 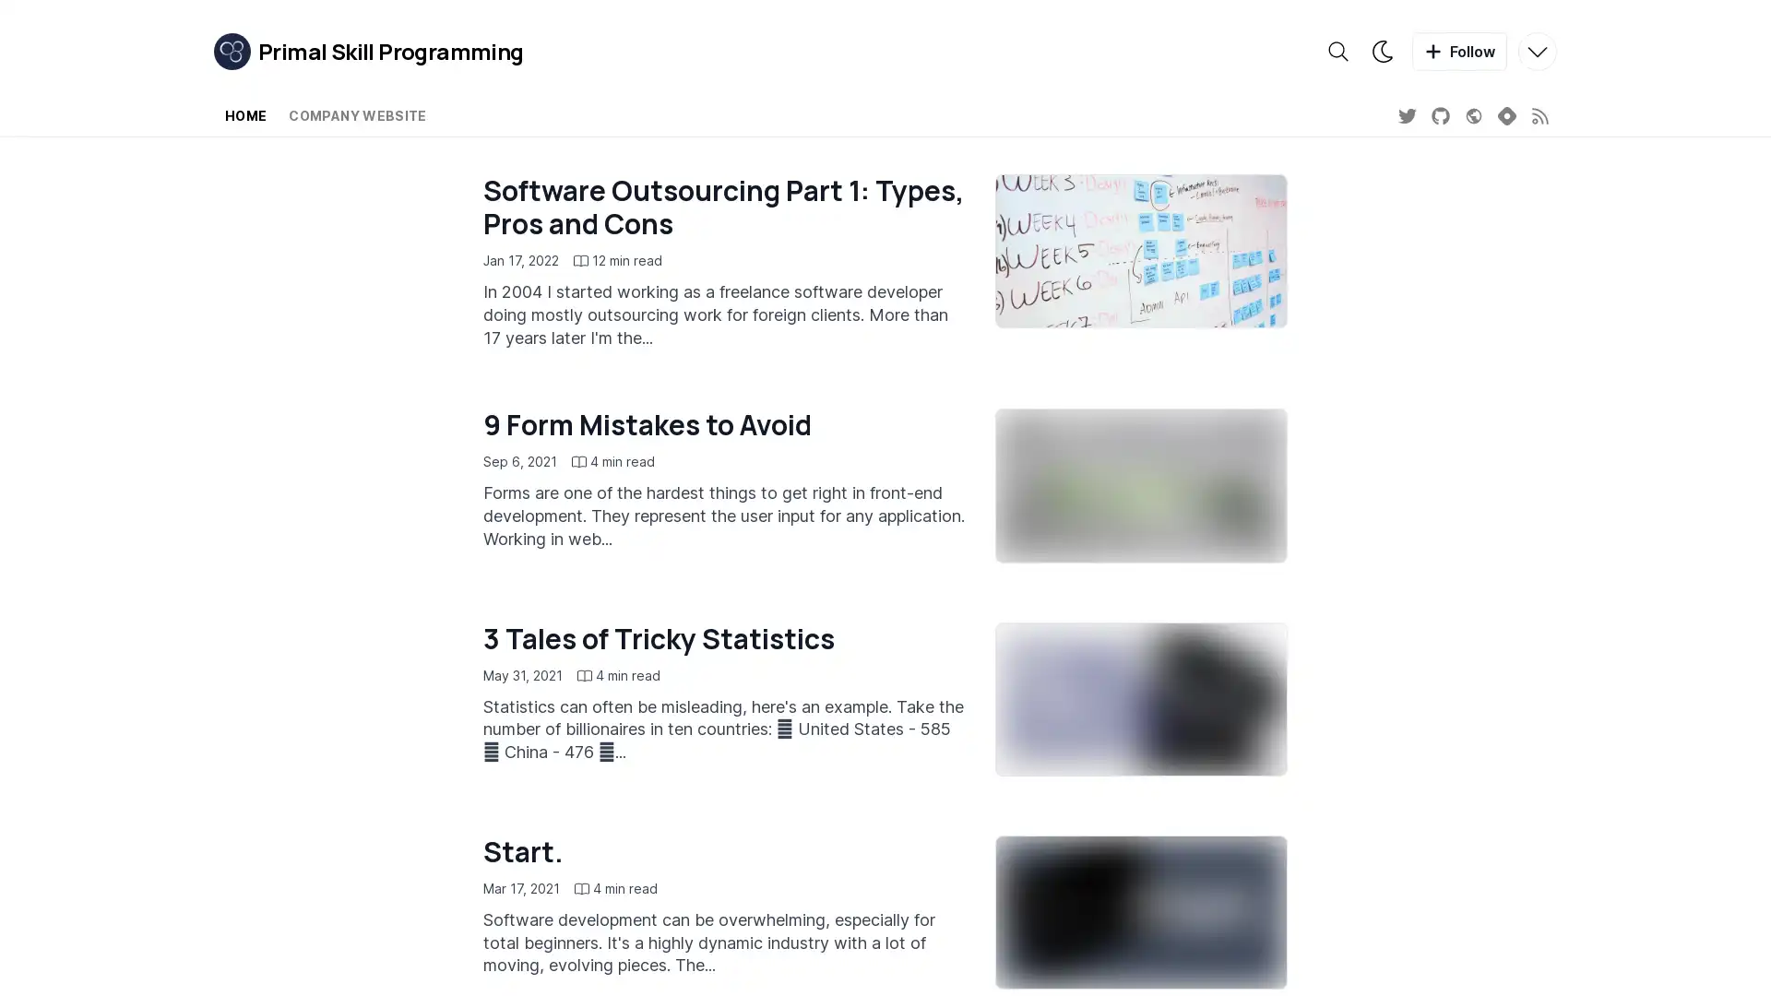 I want to click on More, so click(x=1537, y=51).